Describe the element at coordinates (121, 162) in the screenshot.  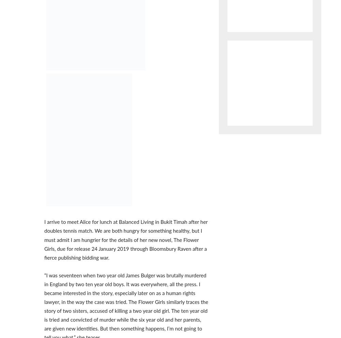
I see `'Australian High Commission: Ready, steady, GREEN!'` at that location.